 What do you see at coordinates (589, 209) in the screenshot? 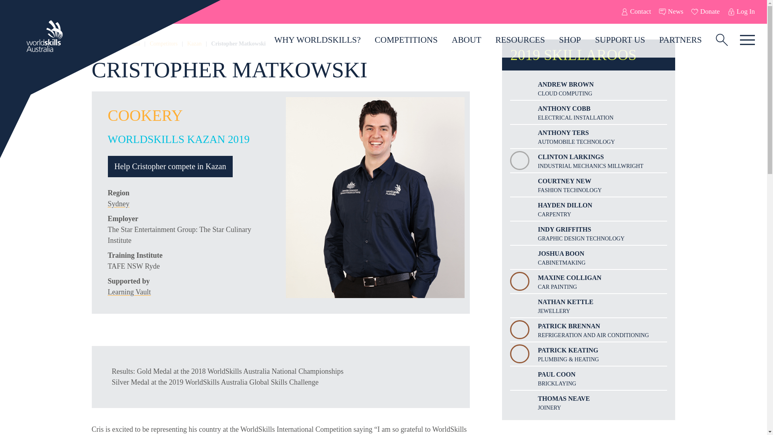
I see `'HAYDEN DILLON` at bounding box center [589, 209].